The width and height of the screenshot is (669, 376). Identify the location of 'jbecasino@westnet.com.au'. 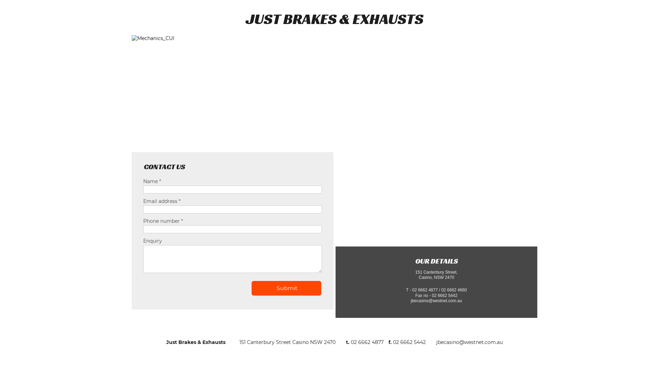
(469, 342).